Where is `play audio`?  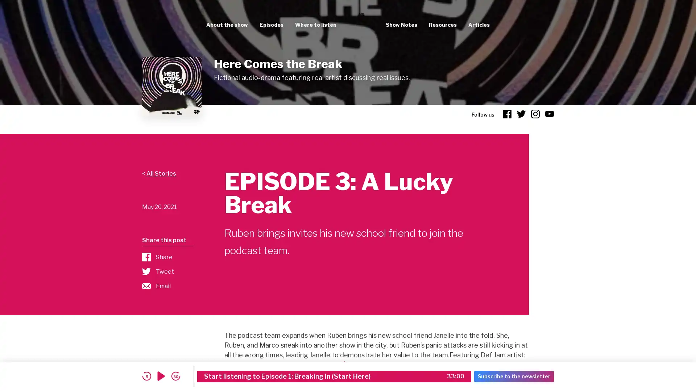 play audio is located at coordinates (161, 376).